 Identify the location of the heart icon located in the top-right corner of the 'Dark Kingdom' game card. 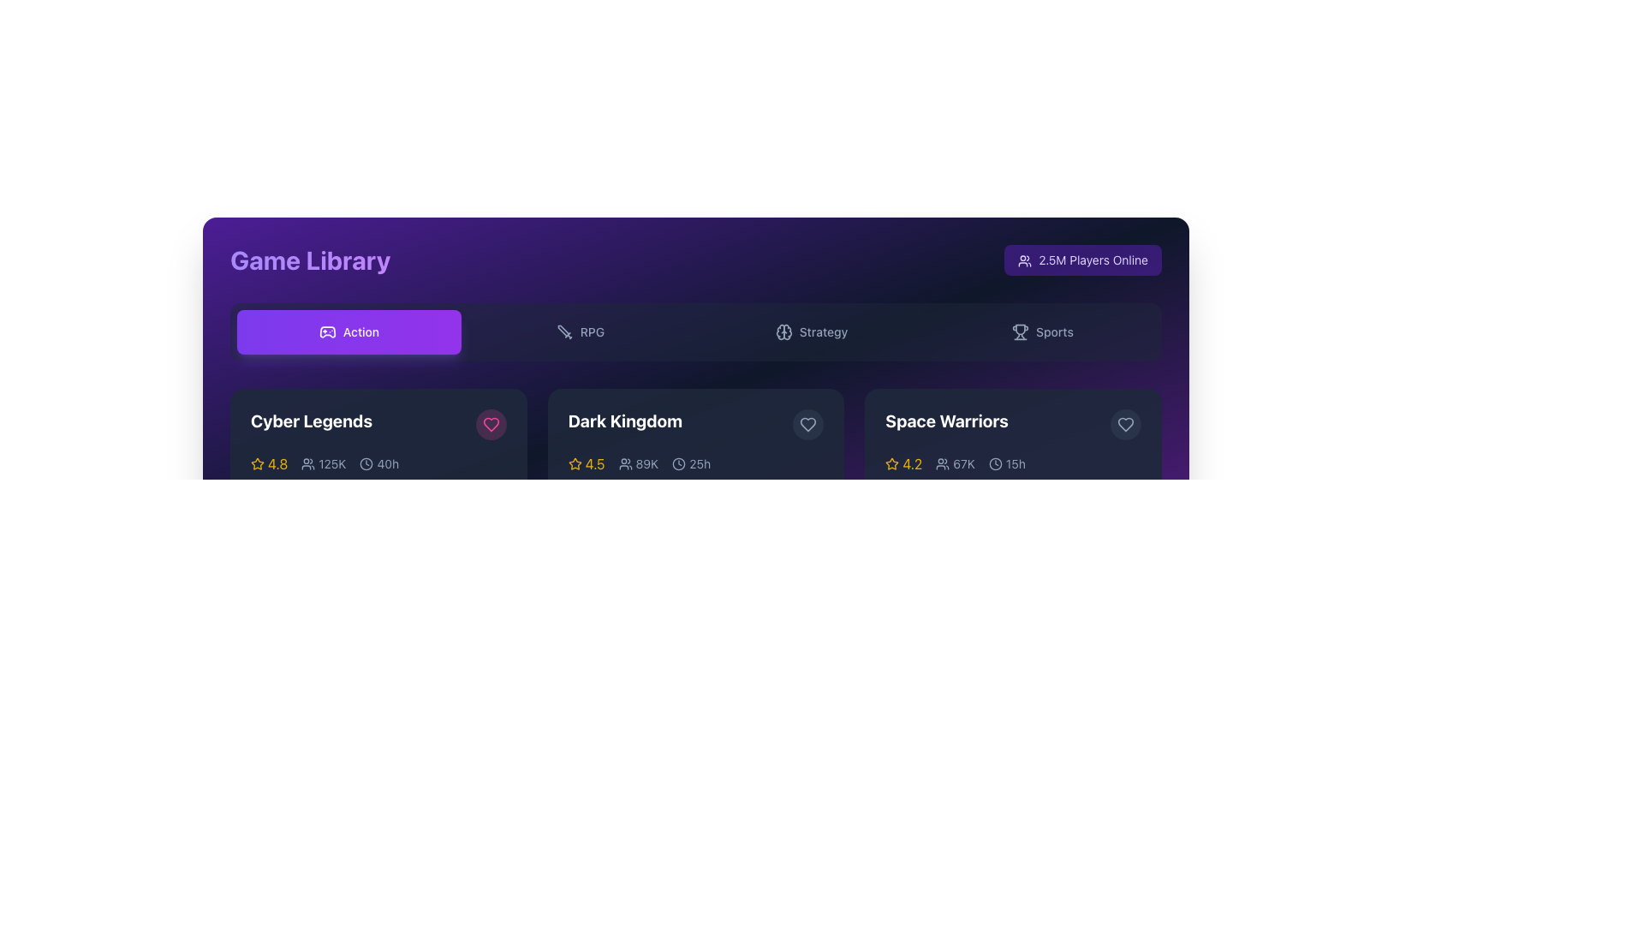
(807, 424).